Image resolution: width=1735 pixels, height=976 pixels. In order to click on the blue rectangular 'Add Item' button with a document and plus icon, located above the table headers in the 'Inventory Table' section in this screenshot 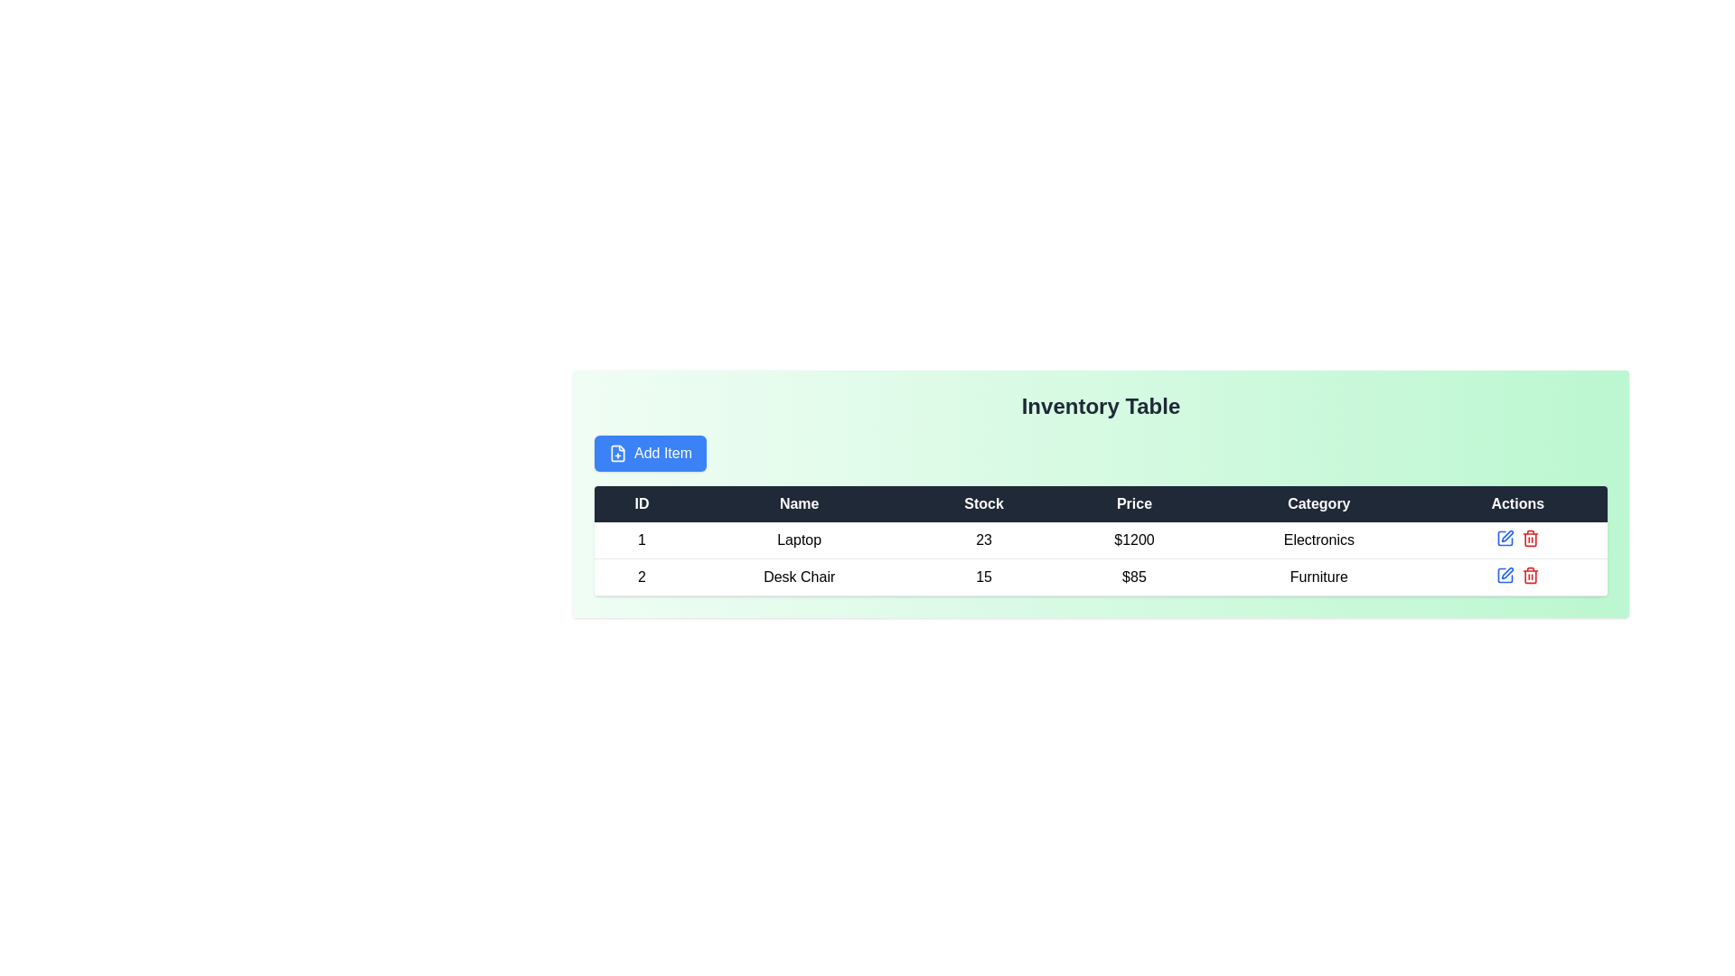, I will do `click(651, 452)`.